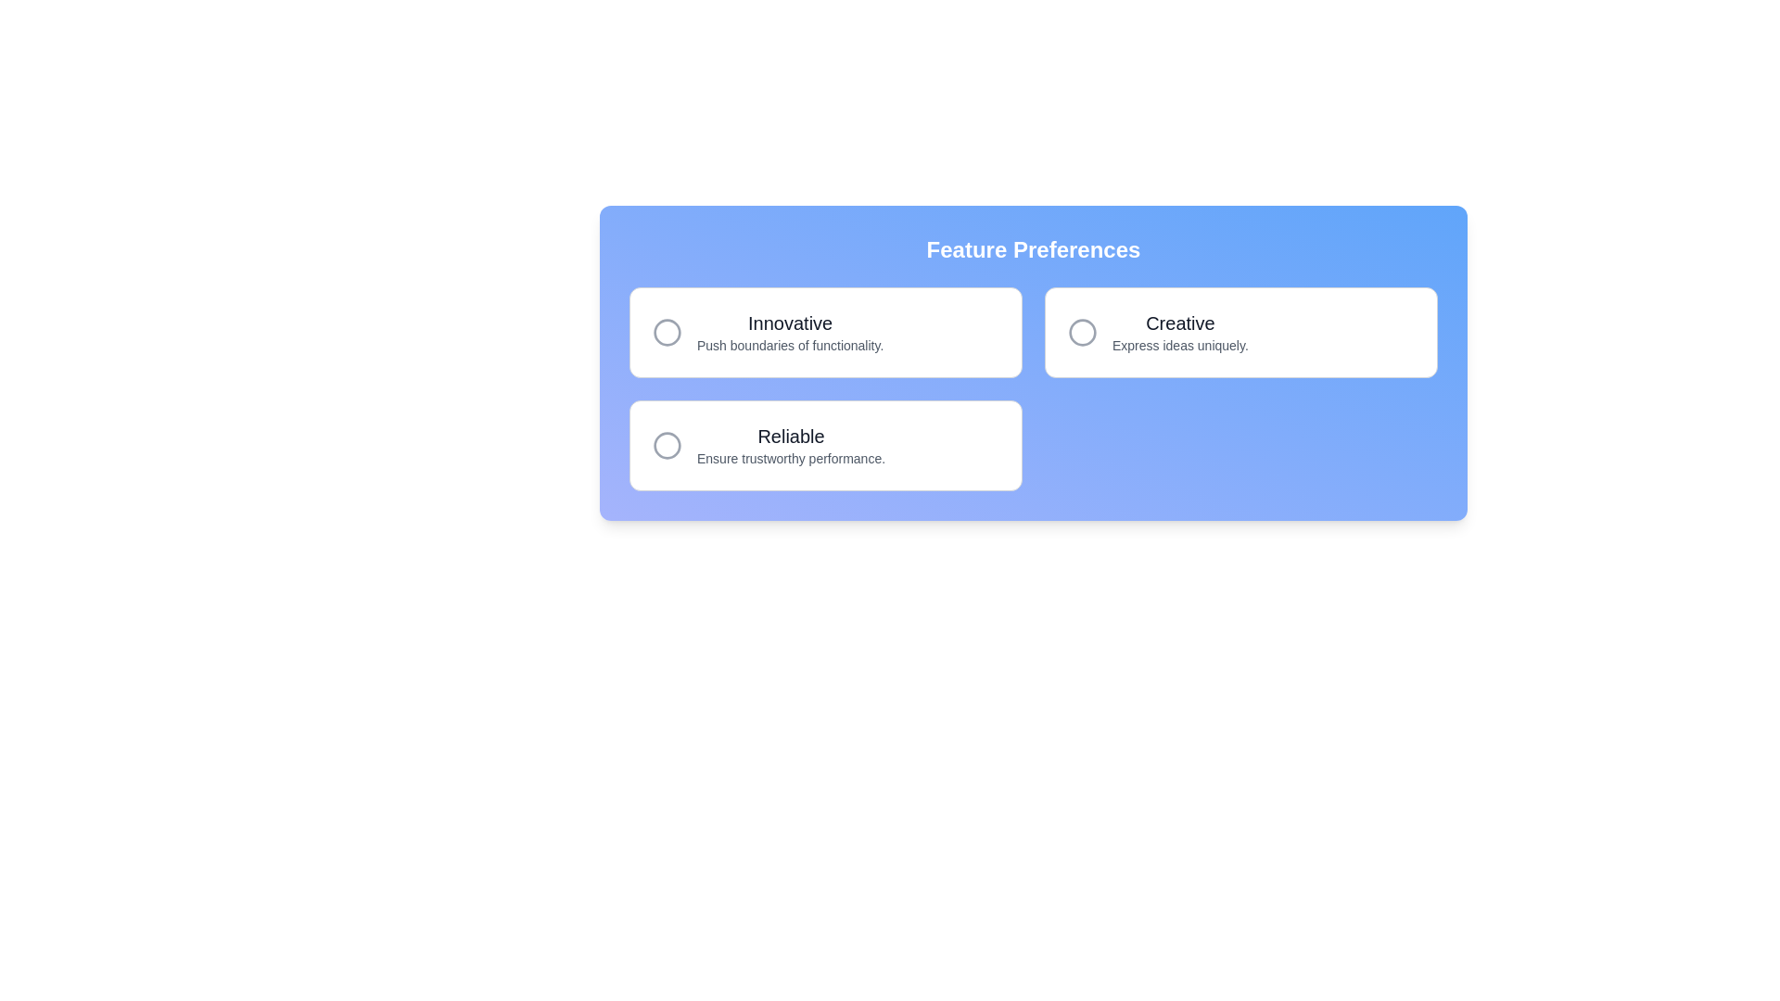  What do you see at coordinates (791, 458) in the screenshot?
I see `the descriptive text label located beneath the title 'Reliable' in the grid layout of selectable options` at bounding box center [791, 458].